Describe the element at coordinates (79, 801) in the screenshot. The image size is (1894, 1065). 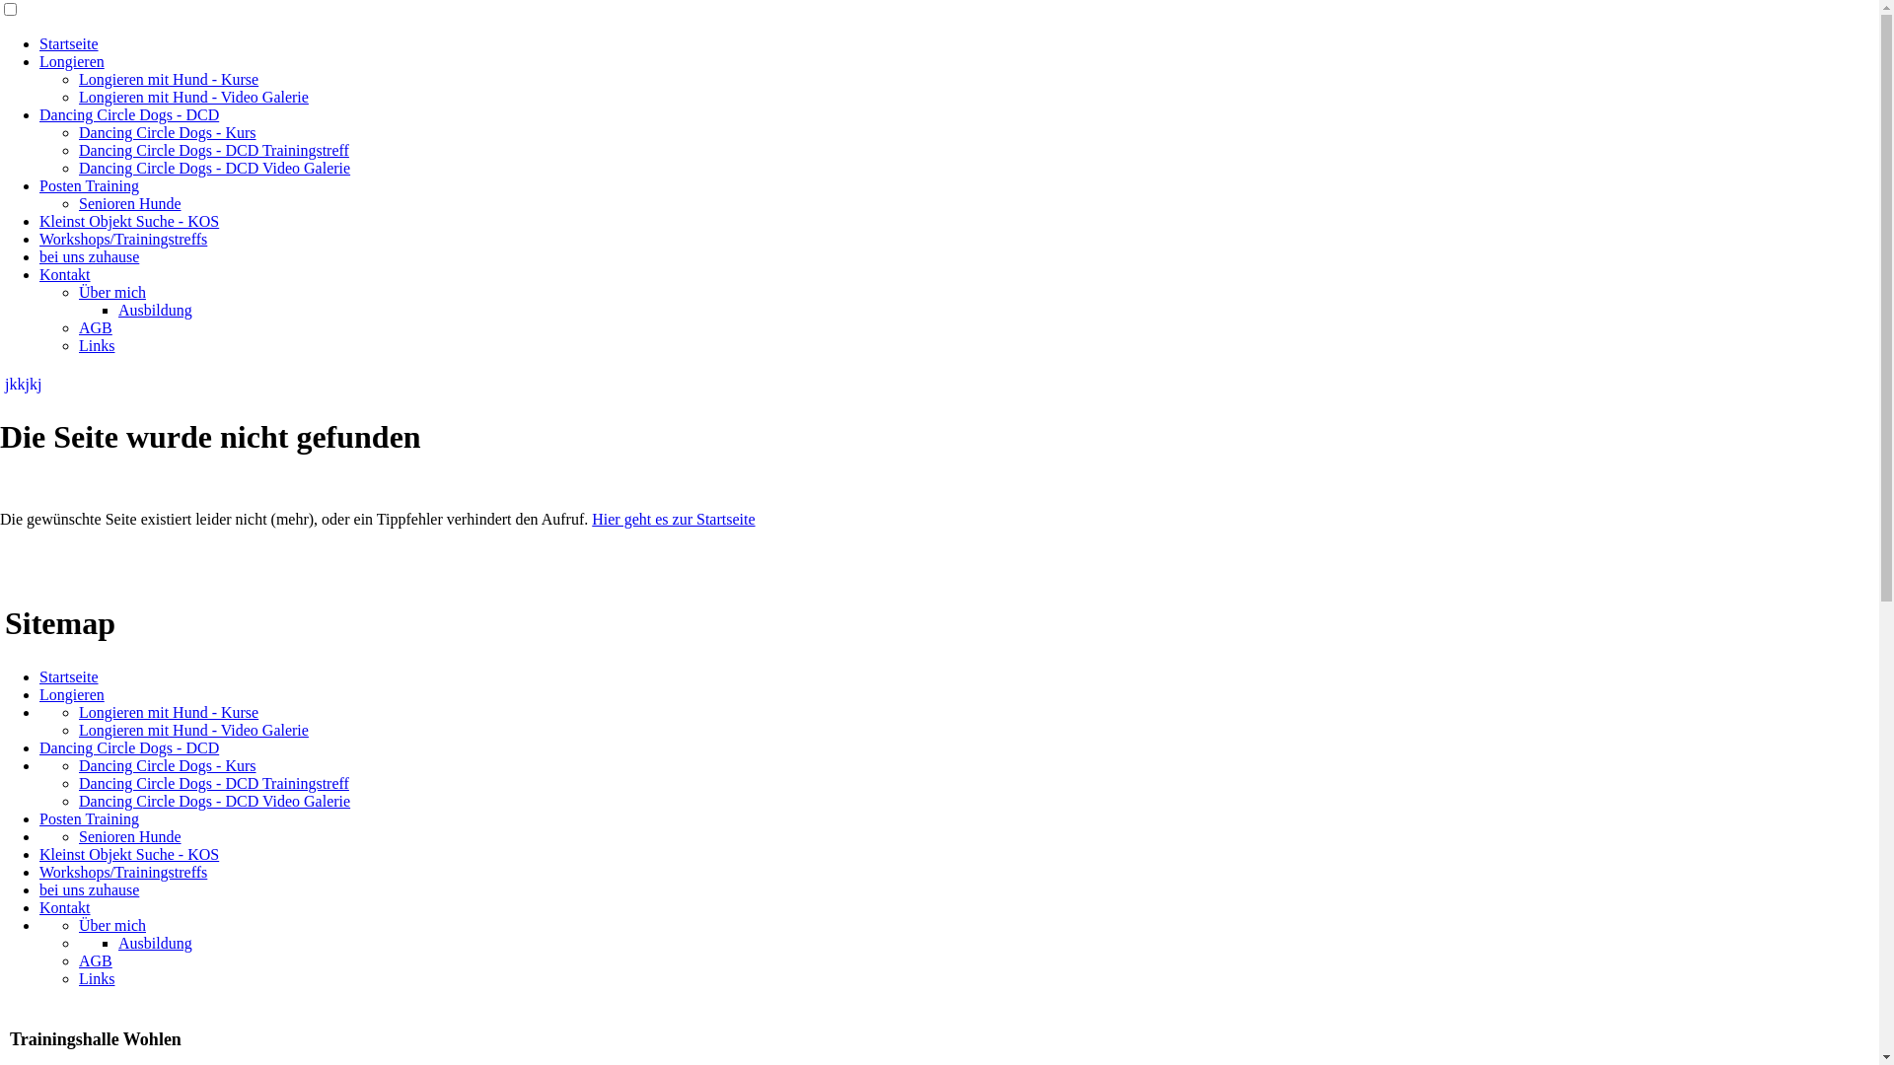
I see `'Dancing Circle Dogs - DCD Video Galerie'` at that location.